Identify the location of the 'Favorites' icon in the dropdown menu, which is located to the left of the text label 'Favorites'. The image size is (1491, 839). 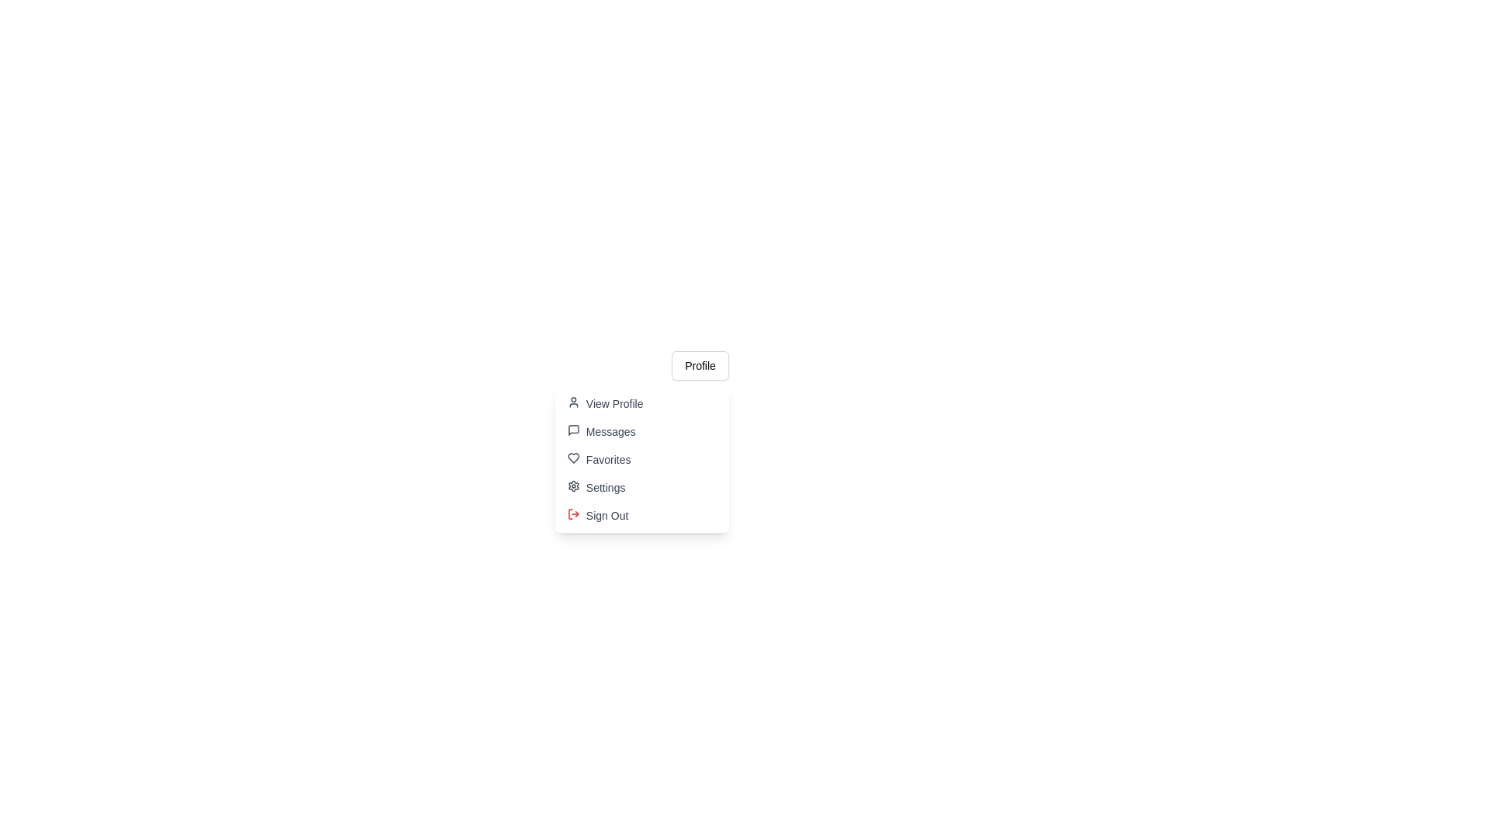
(572, 458).